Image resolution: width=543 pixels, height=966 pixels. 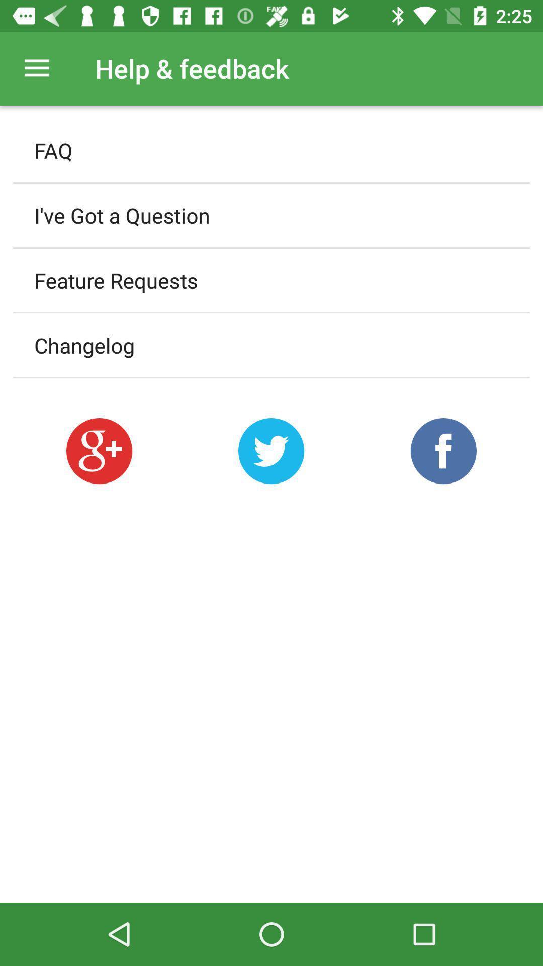 What do you see at coordinates (271, 280) in the screenshot?
I see `the icon below the i ve got item` at bounding box center [271, 280].